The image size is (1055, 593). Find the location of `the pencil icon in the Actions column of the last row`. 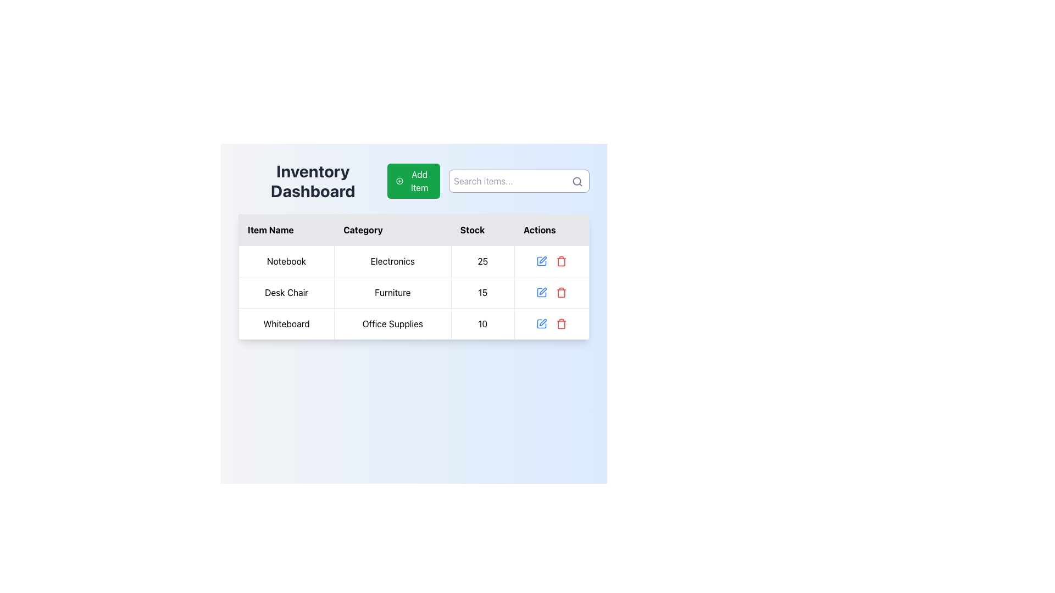

the pencil icon in the Actions column of the last row is located at coordinates (551, 323).